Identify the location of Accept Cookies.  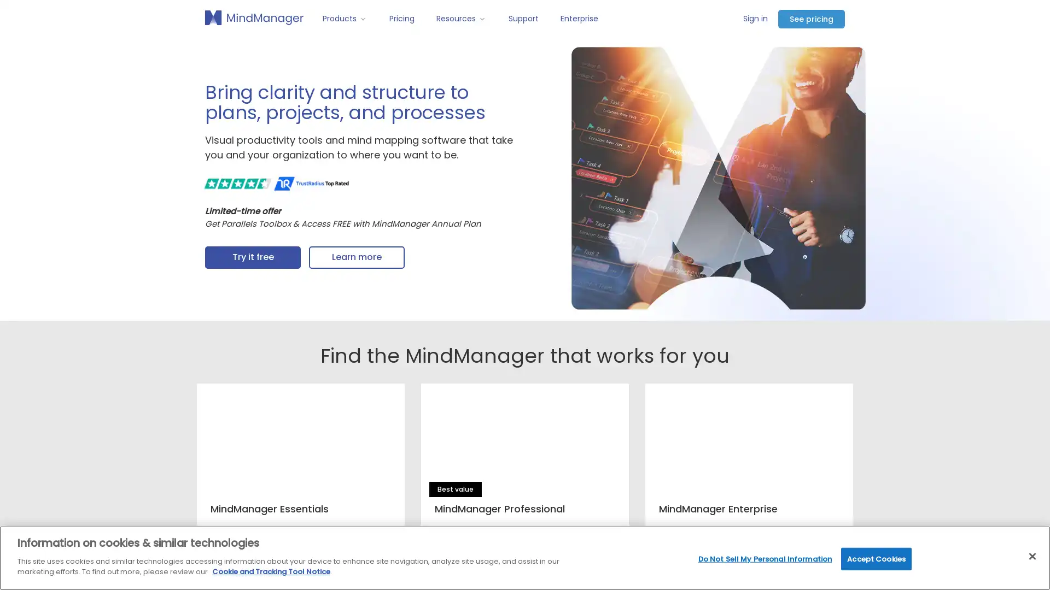
(876, 558).